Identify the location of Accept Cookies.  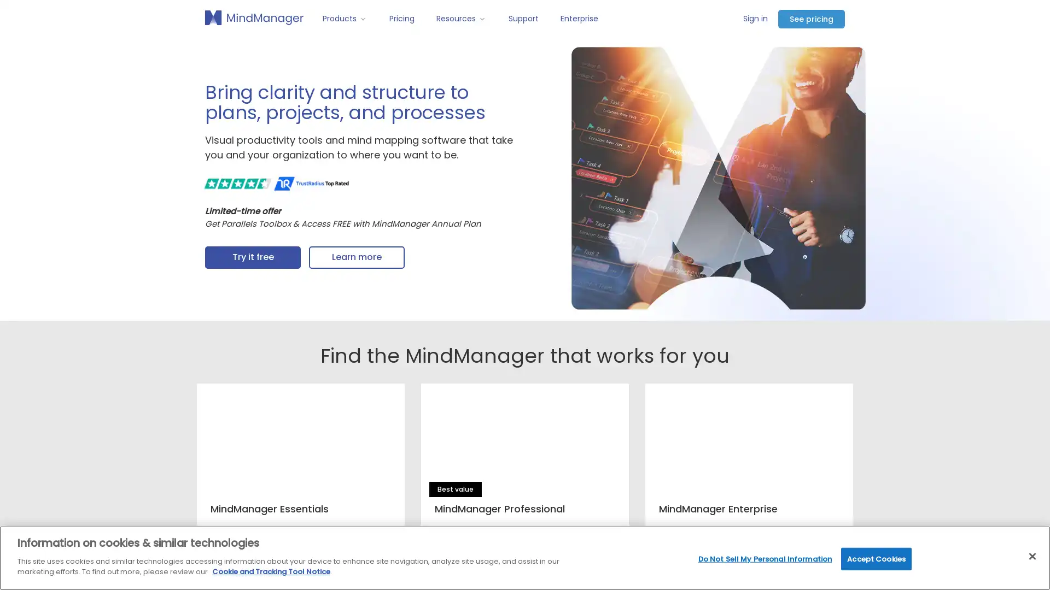
(876, 558).